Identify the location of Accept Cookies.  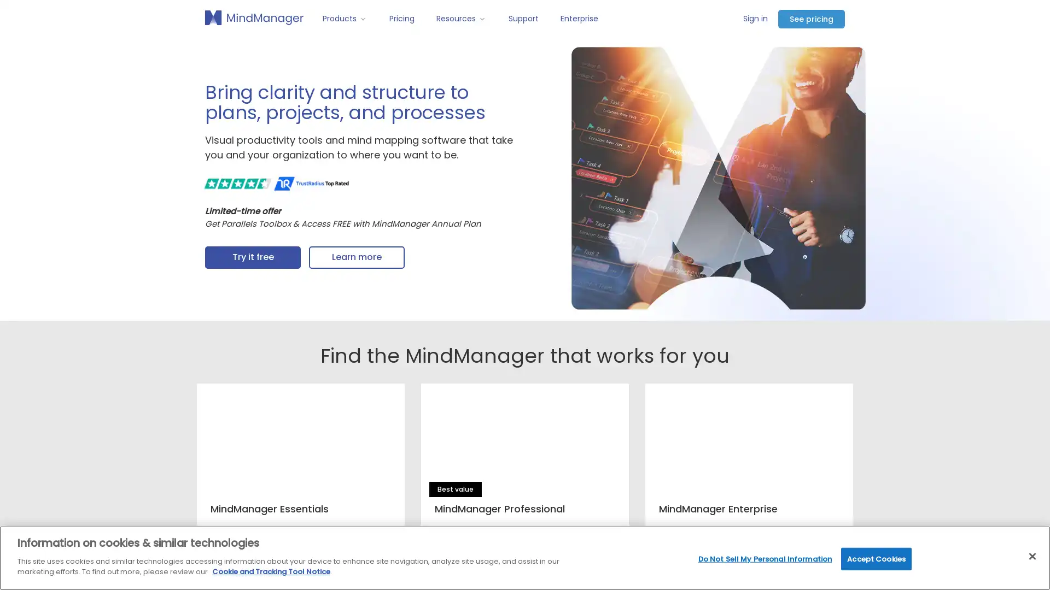
(876, 558).